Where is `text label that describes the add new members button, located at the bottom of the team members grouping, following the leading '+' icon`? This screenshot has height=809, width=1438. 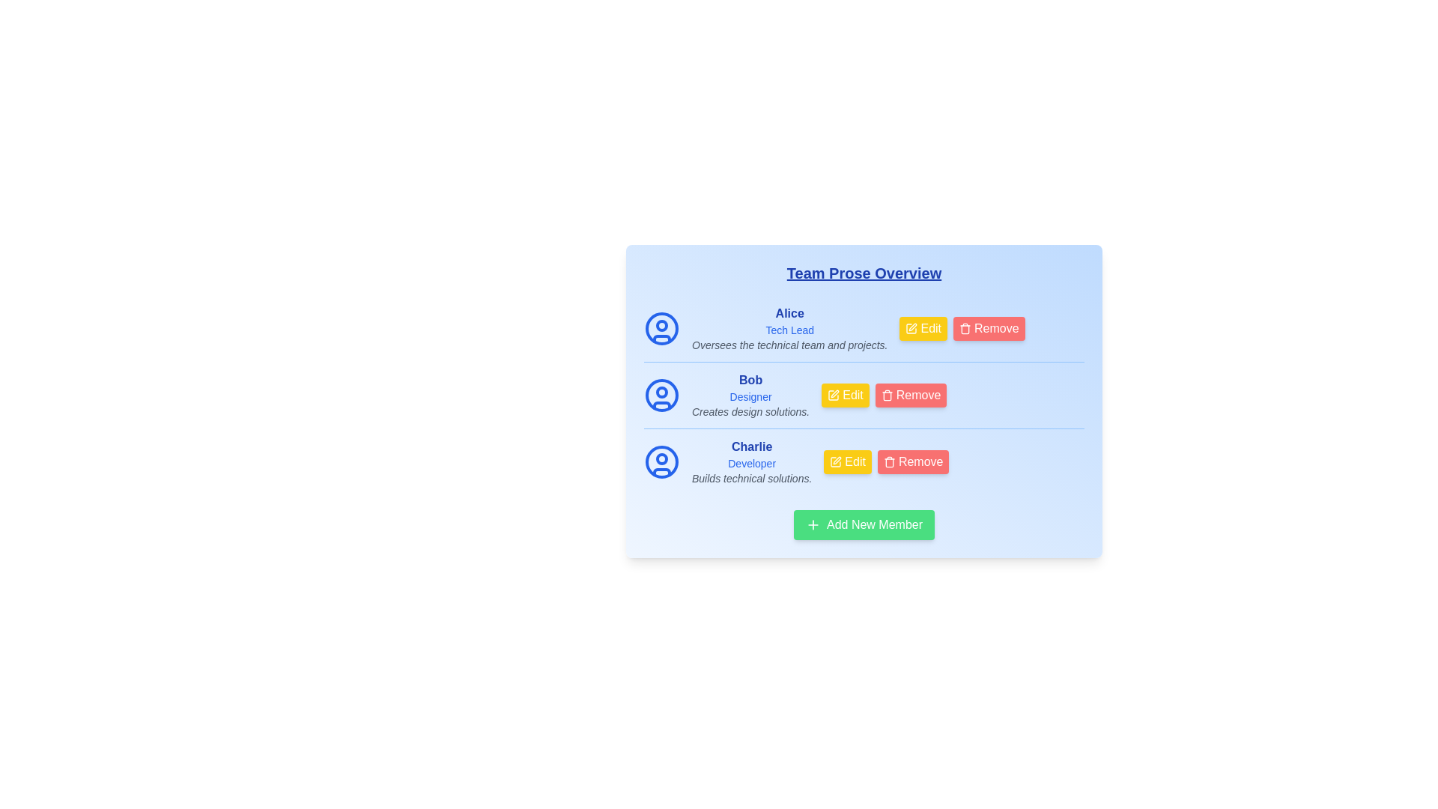 text label that describes the add new members button, located at the bottom of the team members grouping, following the leading '+' icon is located at coordinates (871, 524).